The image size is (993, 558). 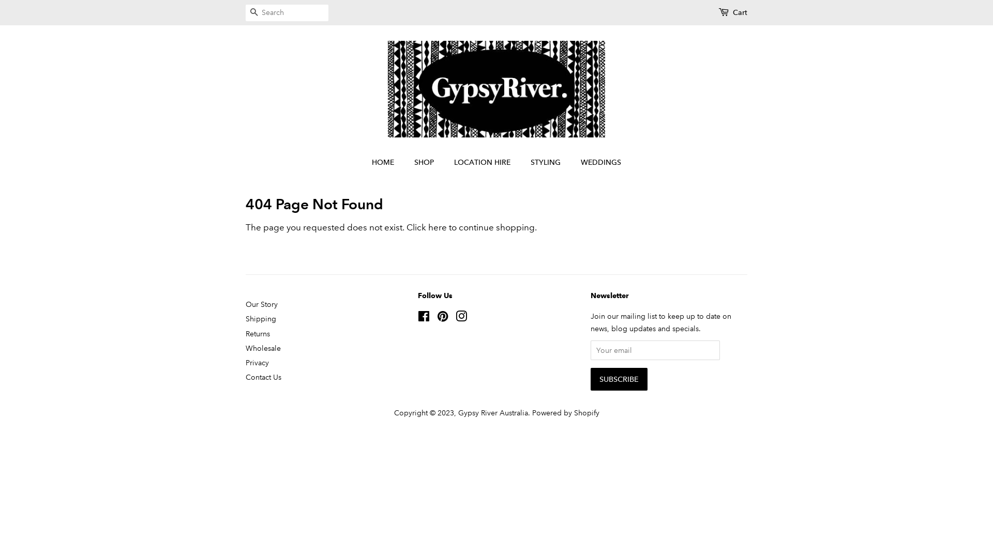 I want to click on 'Privacy', so click(x=257, y=362).